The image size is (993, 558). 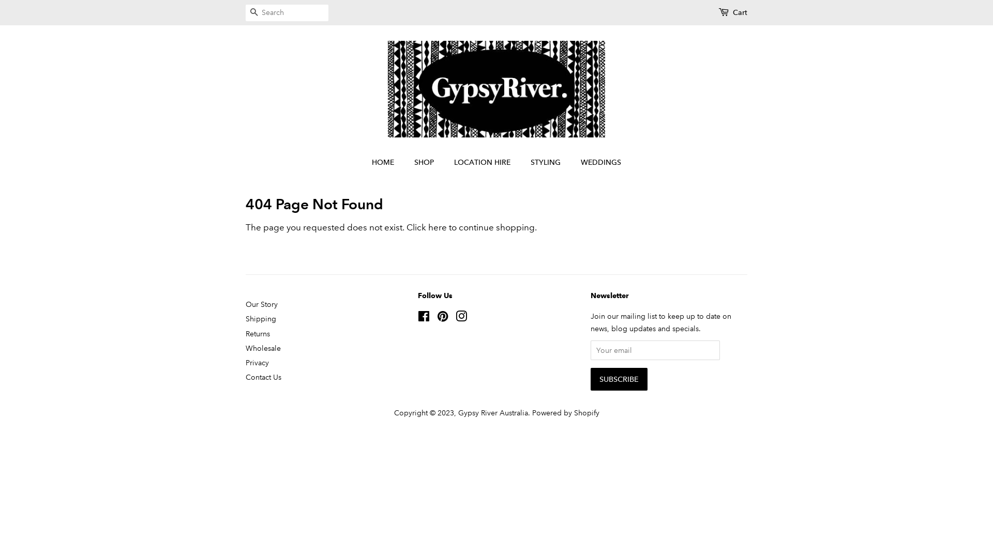 I want to click on 'Privacy', so click(x=257, y=362).